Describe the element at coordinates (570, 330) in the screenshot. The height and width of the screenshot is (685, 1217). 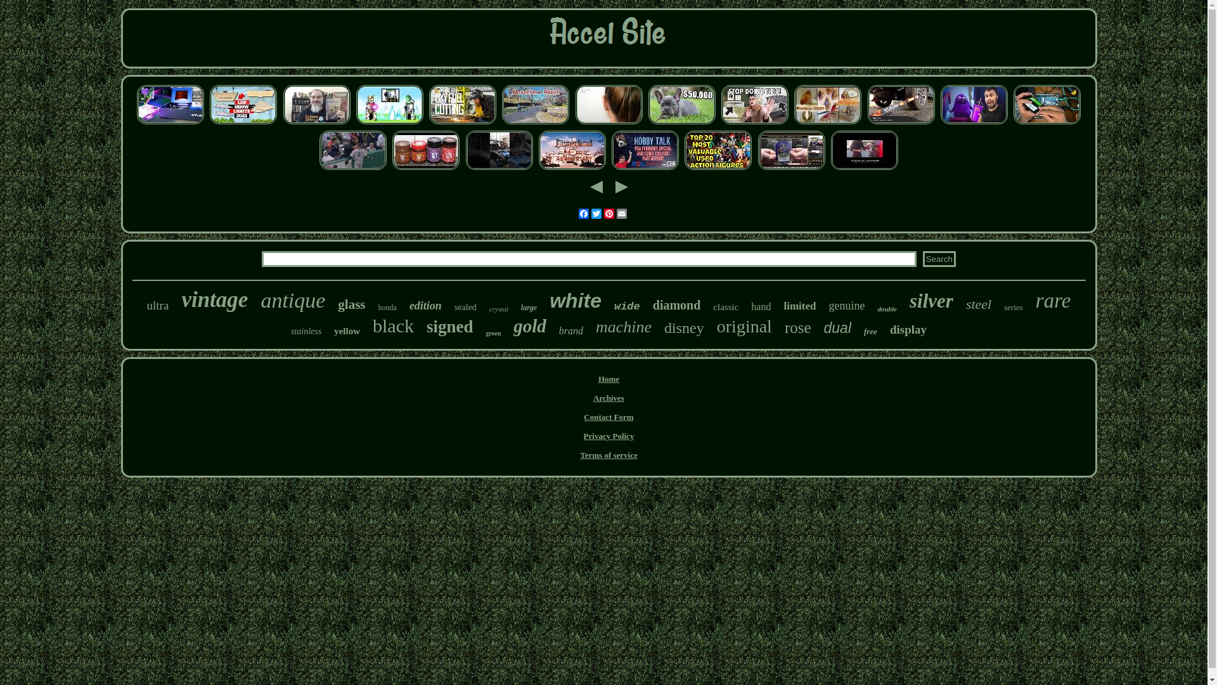
I see `'brand'` at that location.